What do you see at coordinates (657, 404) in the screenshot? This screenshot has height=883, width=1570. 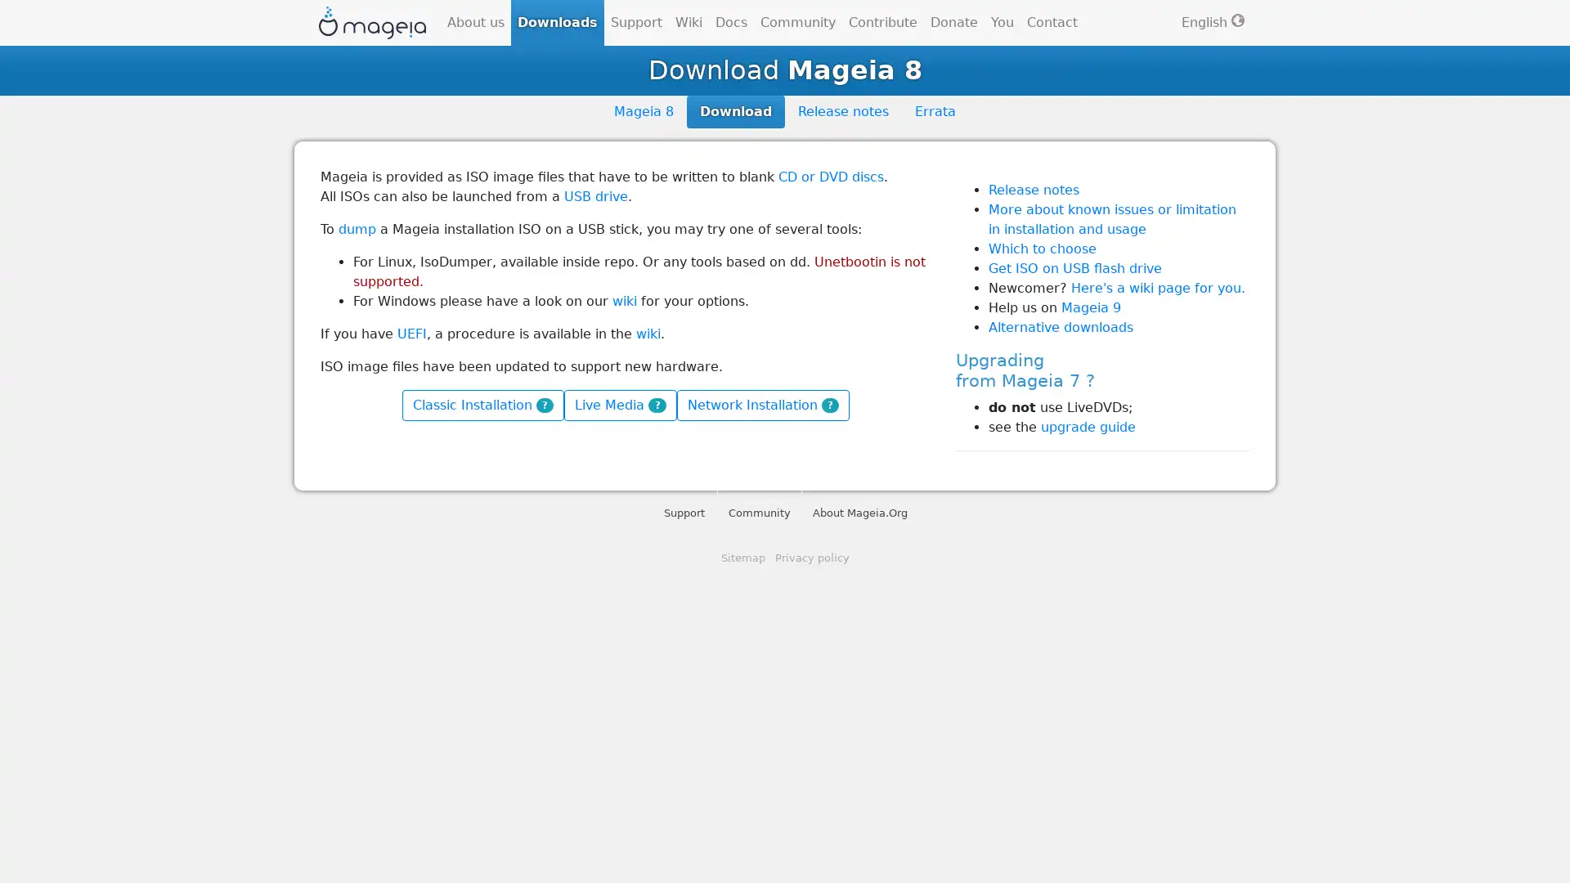 I see `?` at bounding box center [657, 404].